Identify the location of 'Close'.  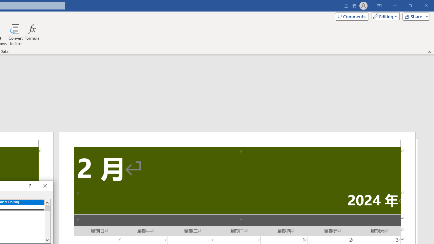
(45, 186).